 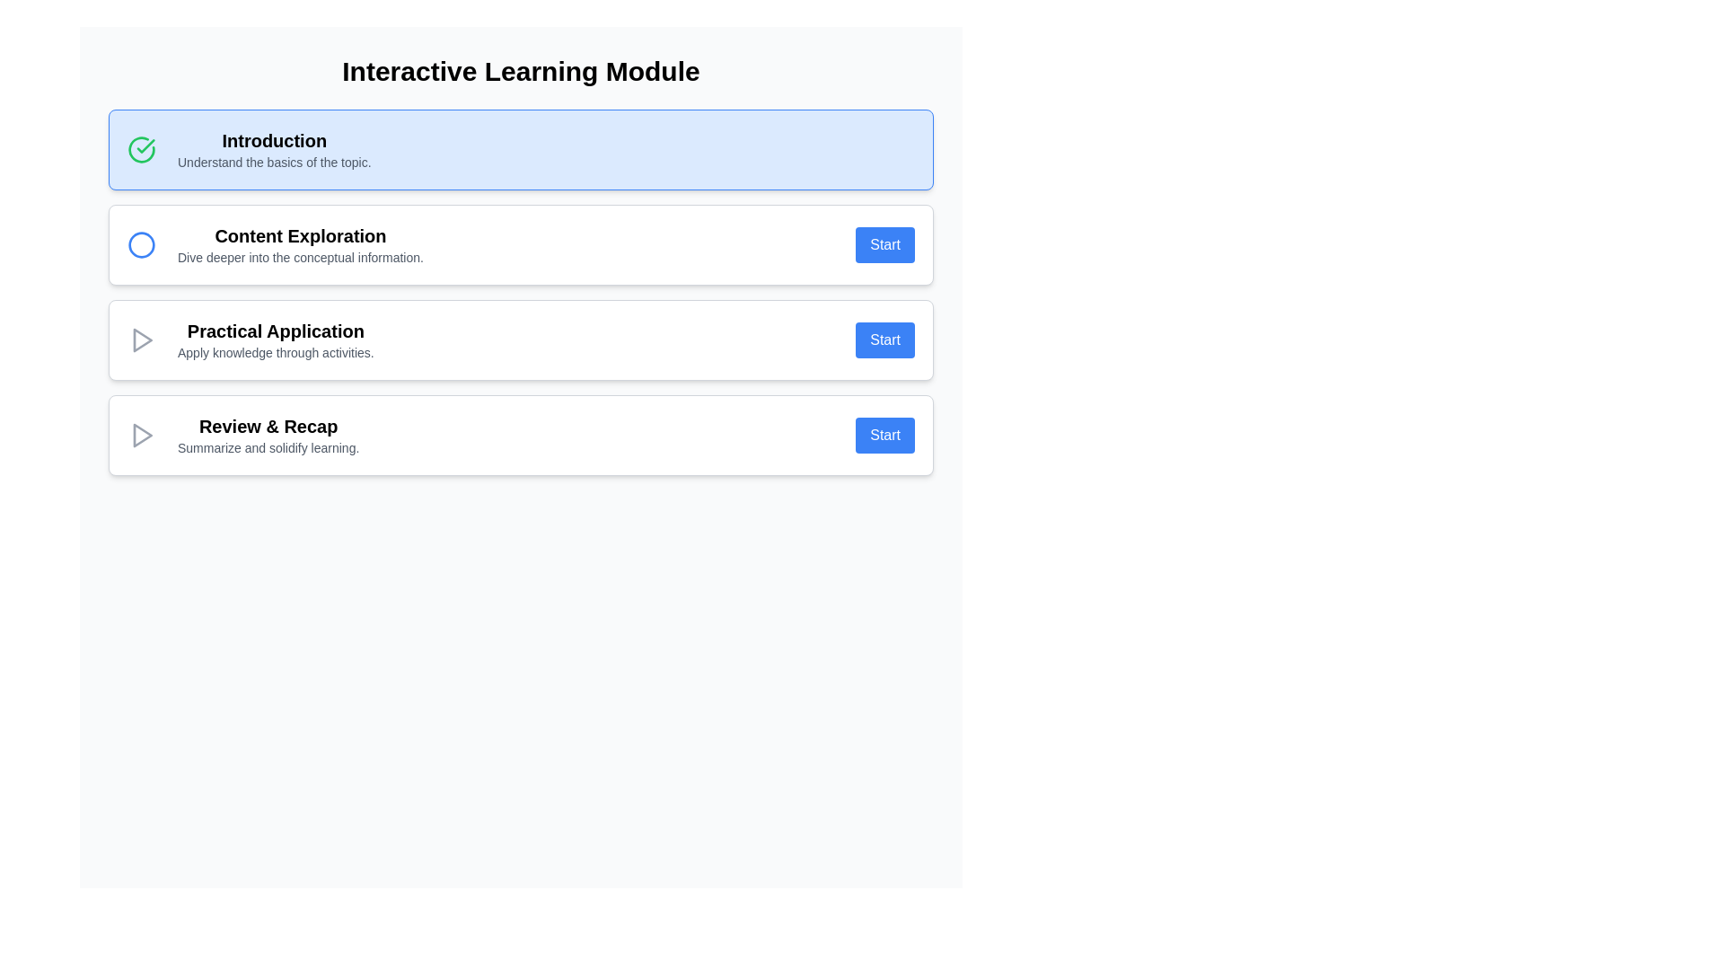 I want to click on the text label that serves as a description for the 'Content Exploration' section, positioned below the section title and aligned to the left margin, so click(x=301, y=257).